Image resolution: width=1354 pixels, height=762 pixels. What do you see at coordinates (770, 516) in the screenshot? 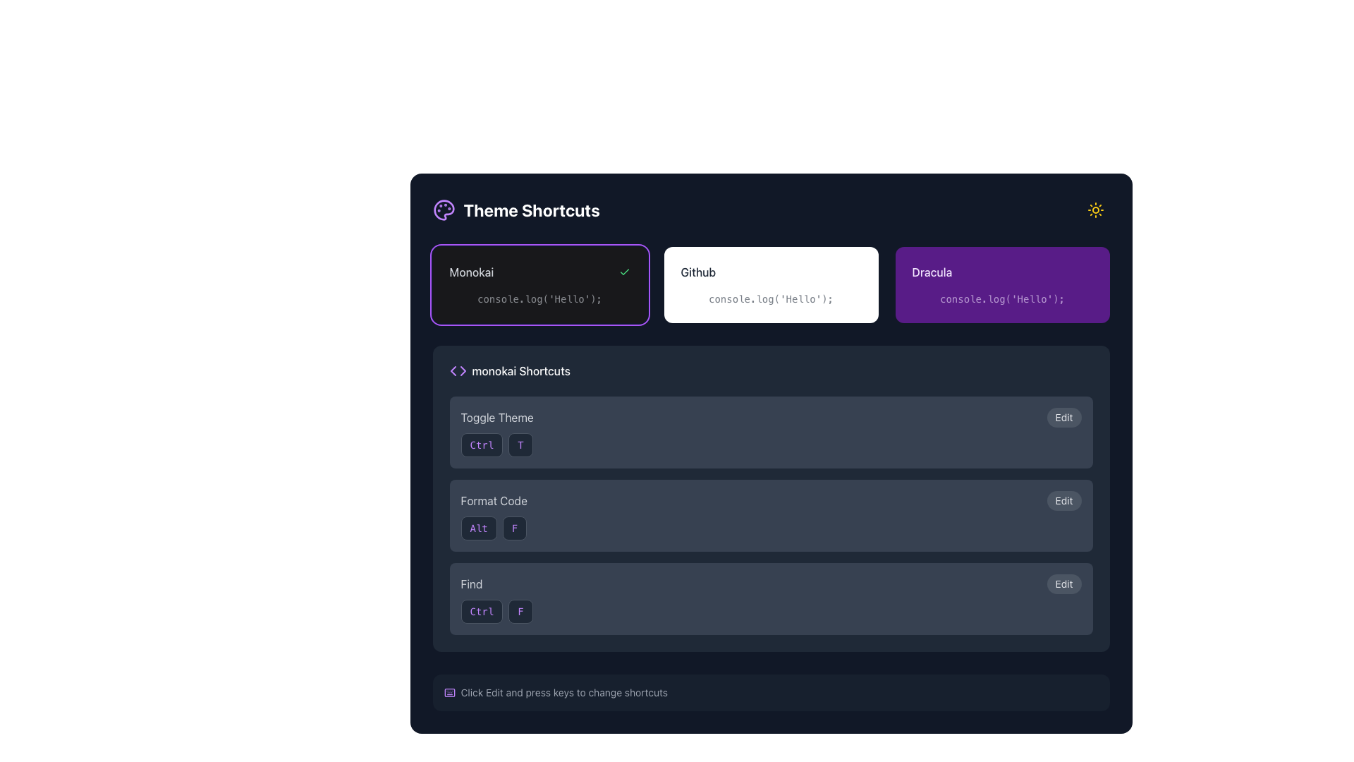
I see `the second item in the vertical list of shortcut panels titled 'monokai Shortcuts', specifically the shortcut configuration panel for 'Format Code', to enable keyboard navigation` at bounding box center [770, 516].